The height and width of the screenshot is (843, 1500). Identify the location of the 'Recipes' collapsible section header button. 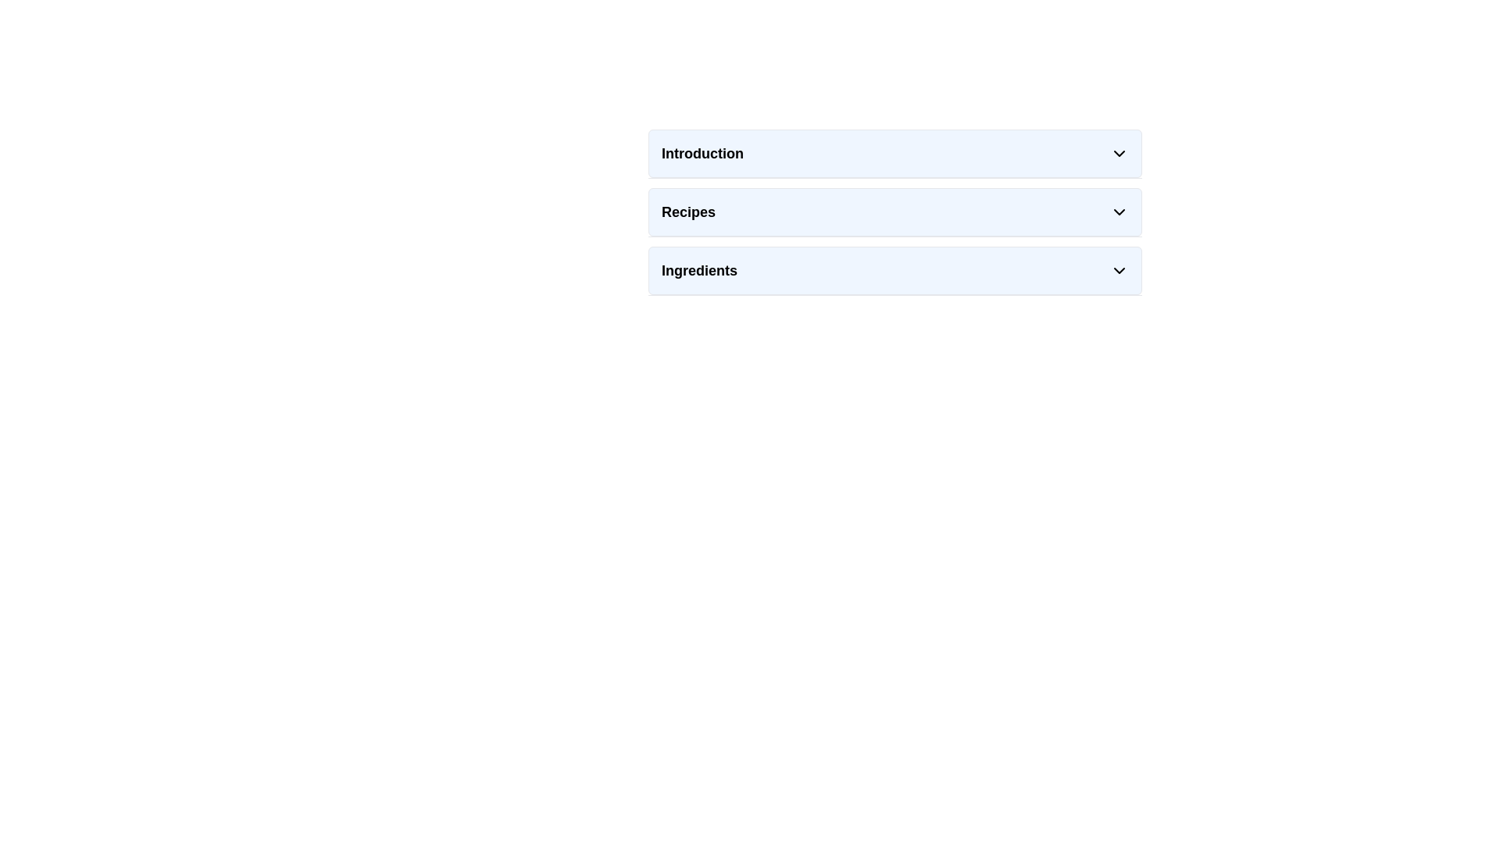
(895, 212).